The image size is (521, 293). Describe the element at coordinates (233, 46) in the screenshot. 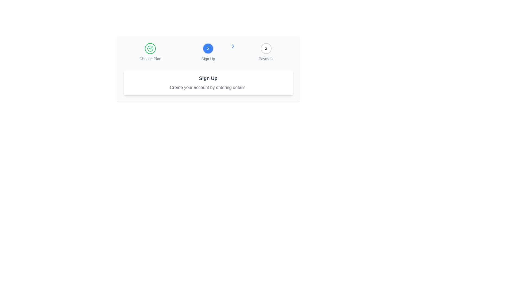

I see `the rightward-pointing blue chevron Navigation Icon located next to the '2 - Sign Up' label in the stepper progress bar` at that location.